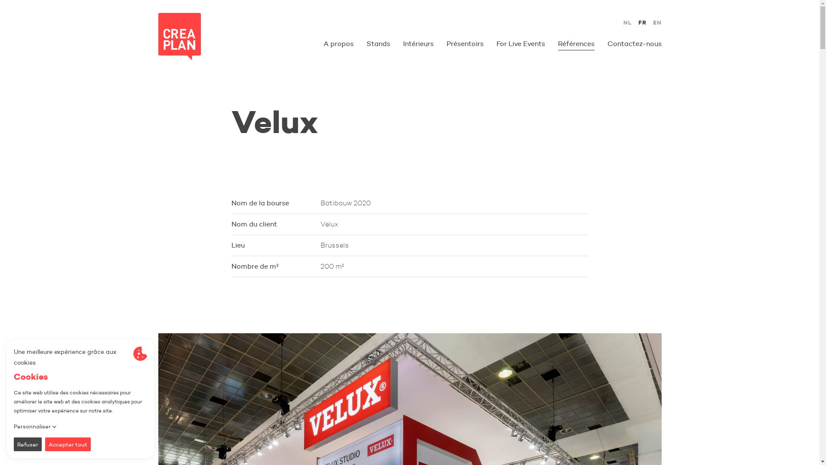 This screenshot has height=465, width=826. What do you see at coordinates (656, 22) in the screenshot?
I see `'EN'` at bounding box center [656, 22].